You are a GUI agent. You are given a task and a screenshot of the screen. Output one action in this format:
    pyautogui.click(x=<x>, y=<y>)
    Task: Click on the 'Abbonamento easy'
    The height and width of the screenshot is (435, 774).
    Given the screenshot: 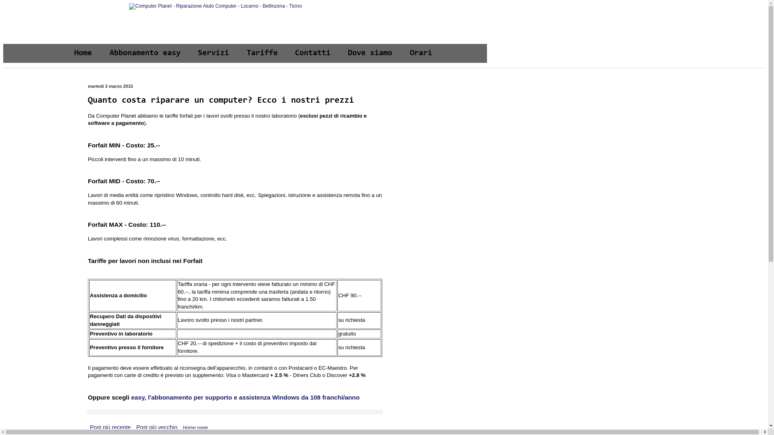 What is the action you would take?
    pyautogui.click(x=145, y=53)
    